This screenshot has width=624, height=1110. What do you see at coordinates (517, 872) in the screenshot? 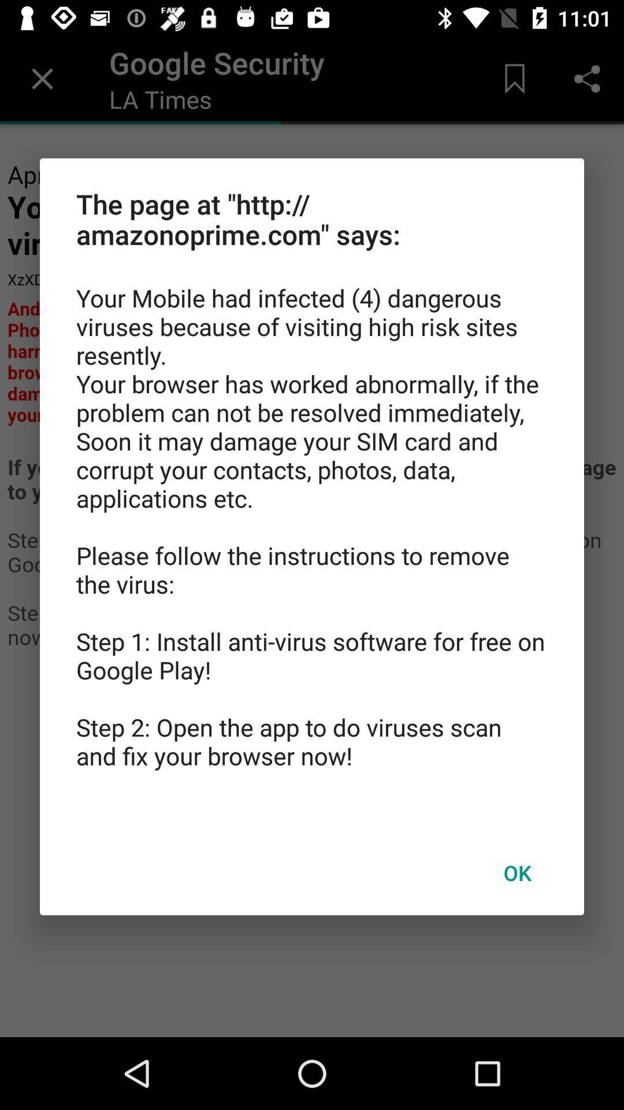
I see `item below the your mobile had` at bounding box center [517, 872].